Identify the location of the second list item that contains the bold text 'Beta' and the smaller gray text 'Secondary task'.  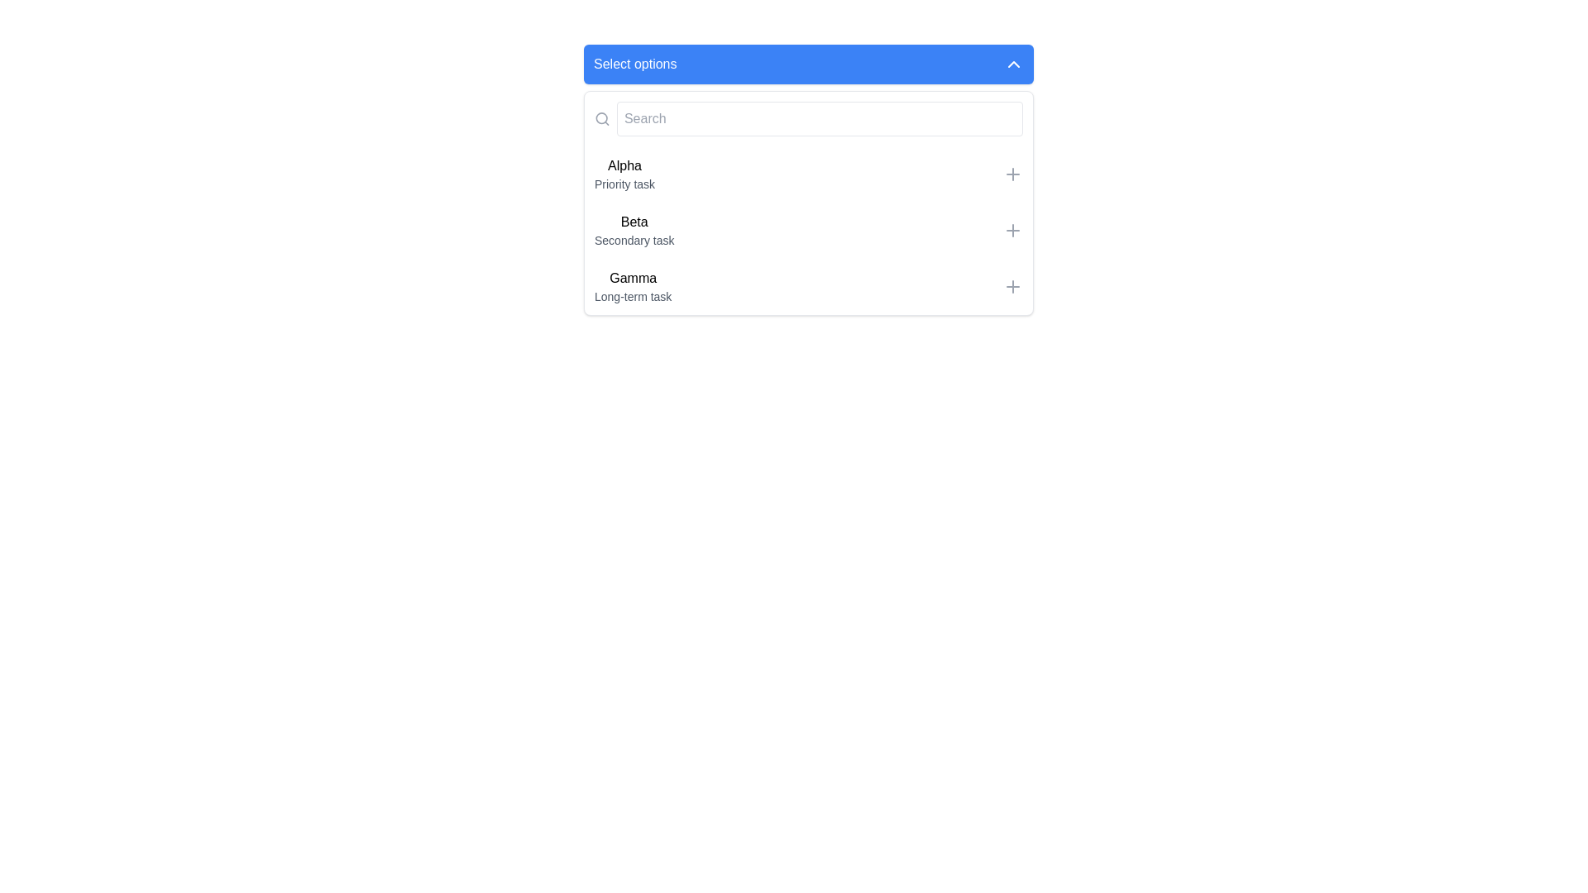
(634, 230).